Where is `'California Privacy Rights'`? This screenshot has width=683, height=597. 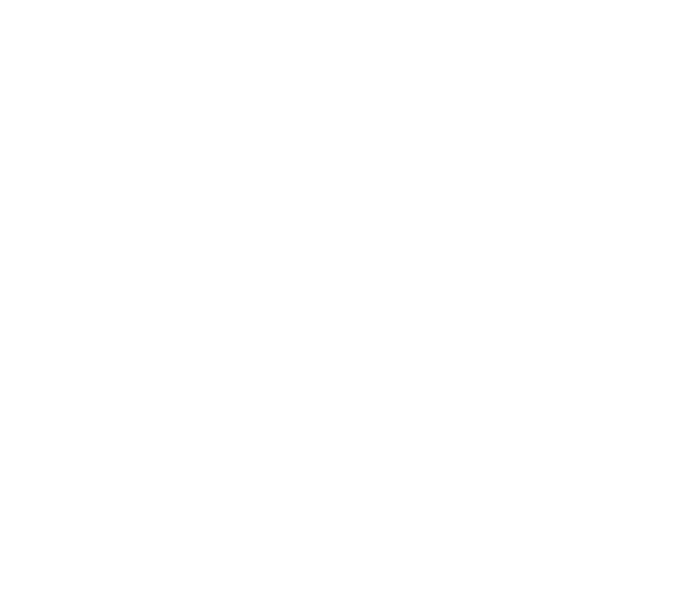 'California Privacy Rights' is located at coordinates (362, 481).